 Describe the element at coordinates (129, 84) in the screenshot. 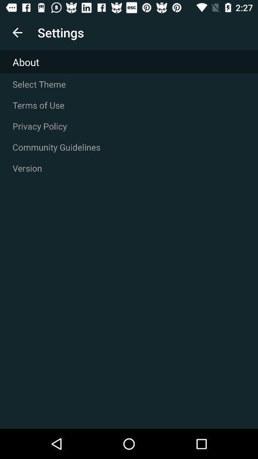

I see `icon above the terms of use item` at that location.